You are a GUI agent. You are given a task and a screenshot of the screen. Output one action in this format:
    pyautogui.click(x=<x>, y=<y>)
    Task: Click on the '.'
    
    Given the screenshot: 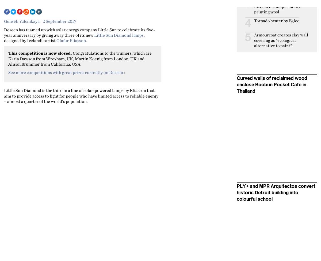 What is the action you would take?
    pyautogui.click(x=86, y=40)
    